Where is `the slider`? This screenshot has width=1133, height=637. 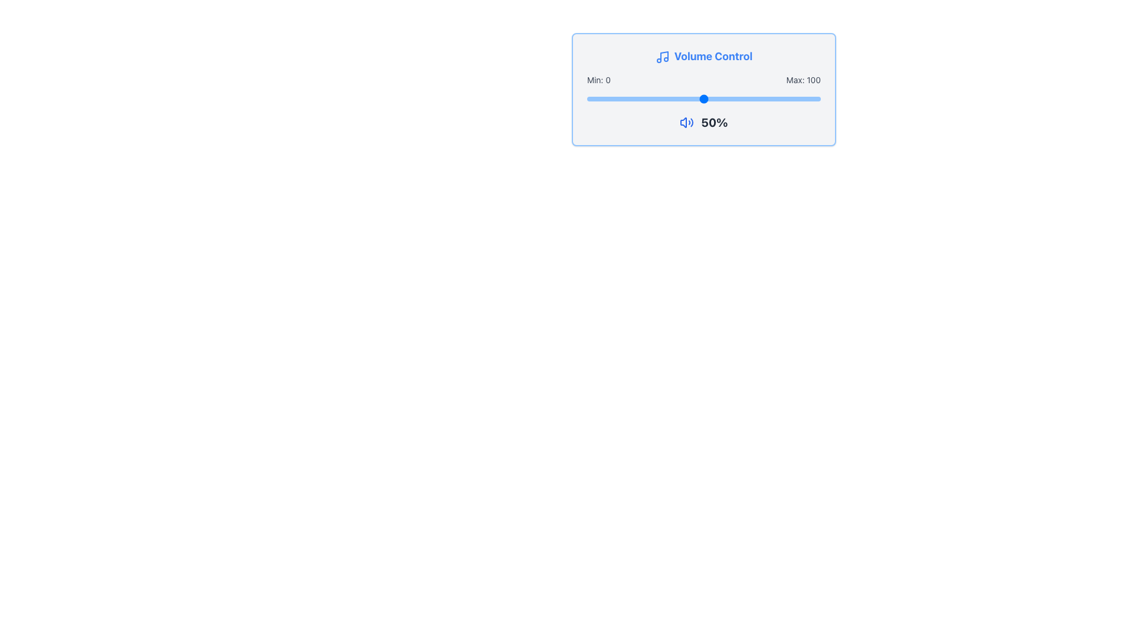 the slider is located at coordinates (659, 98).